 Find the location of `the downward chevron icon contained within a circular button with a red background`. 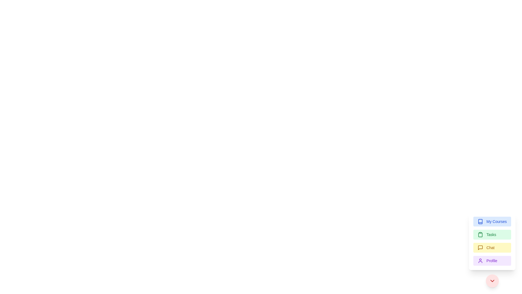

the downward chevron icon contained within a circular button with a red background is located at coordinates (492, 281).